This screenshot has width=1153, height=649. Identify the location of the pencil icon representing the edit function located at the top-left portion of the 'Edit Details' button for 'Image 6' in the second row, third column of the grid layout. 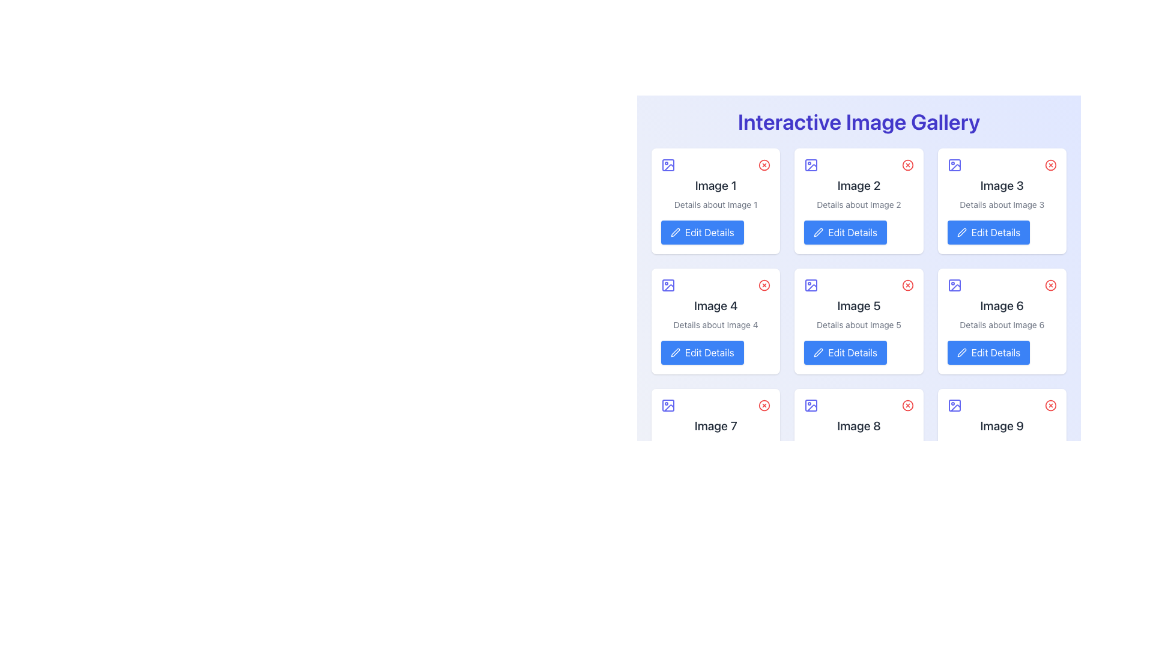
(961, 352).